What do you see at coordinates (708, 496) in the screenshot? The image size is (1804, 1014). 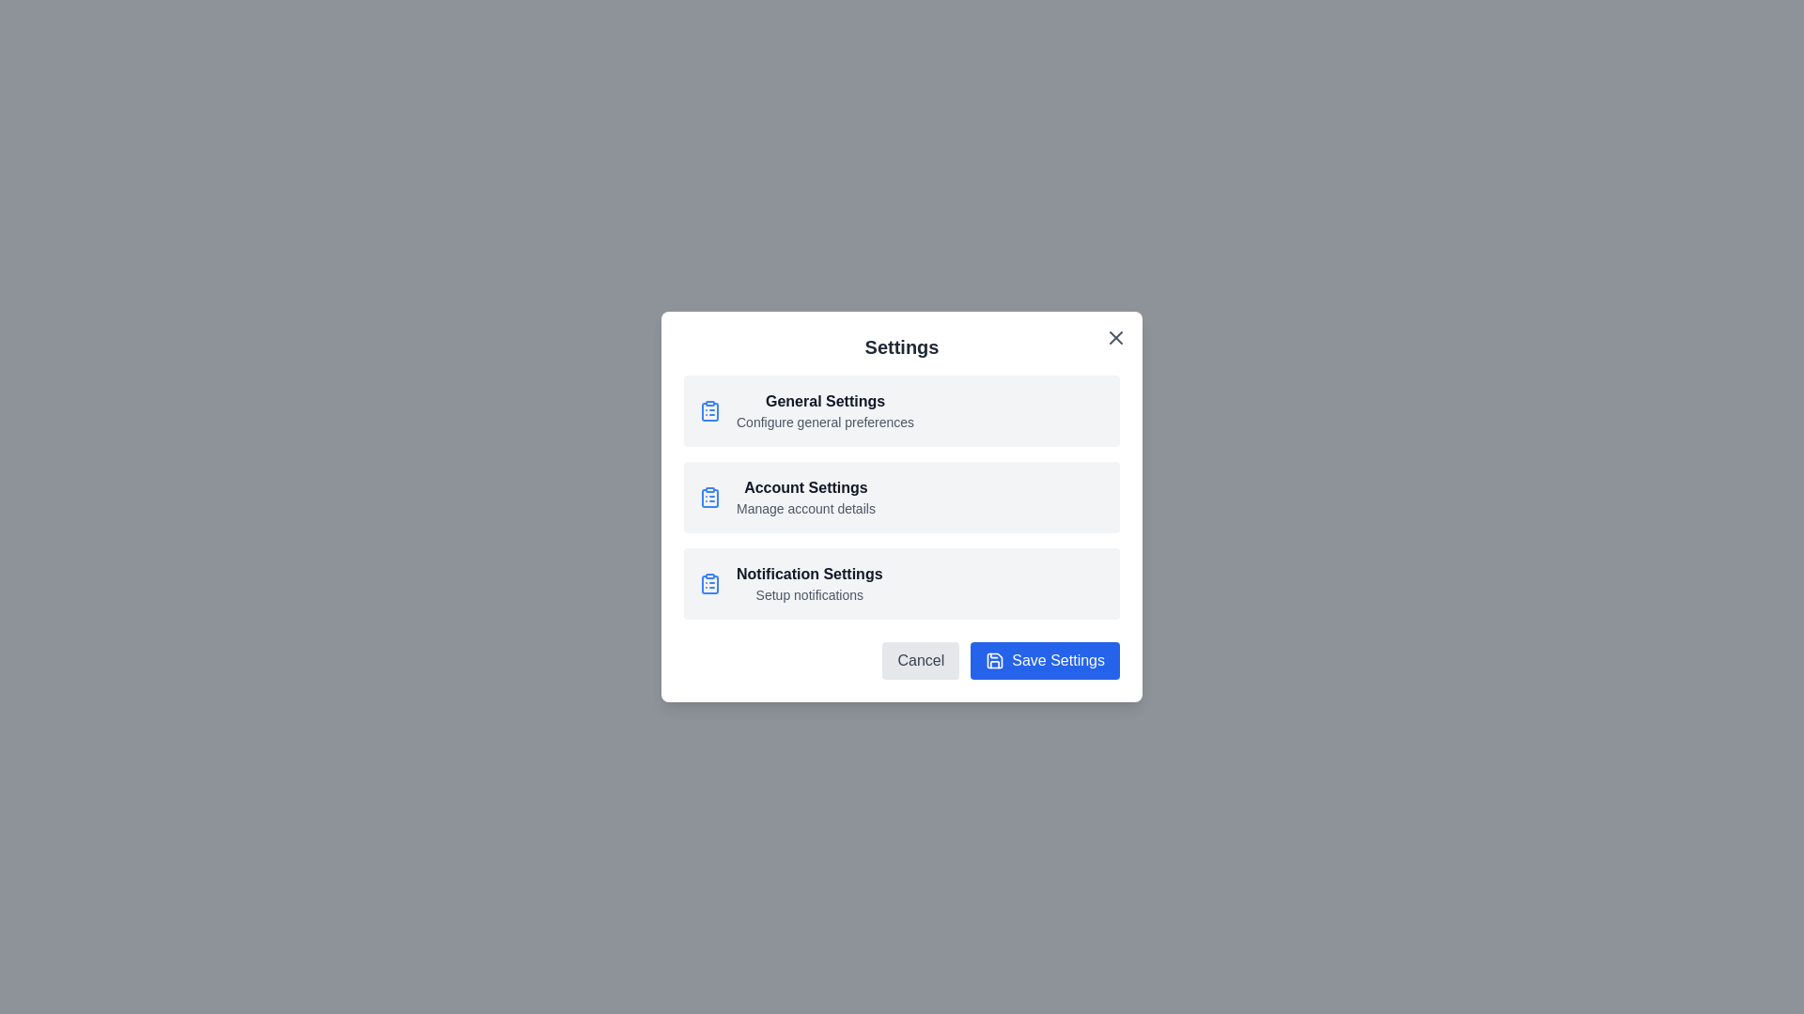 I see `the 'Account Settings' icon, which is the first visual element in the card located to the left of the text content` at bounding box center [708, 496].